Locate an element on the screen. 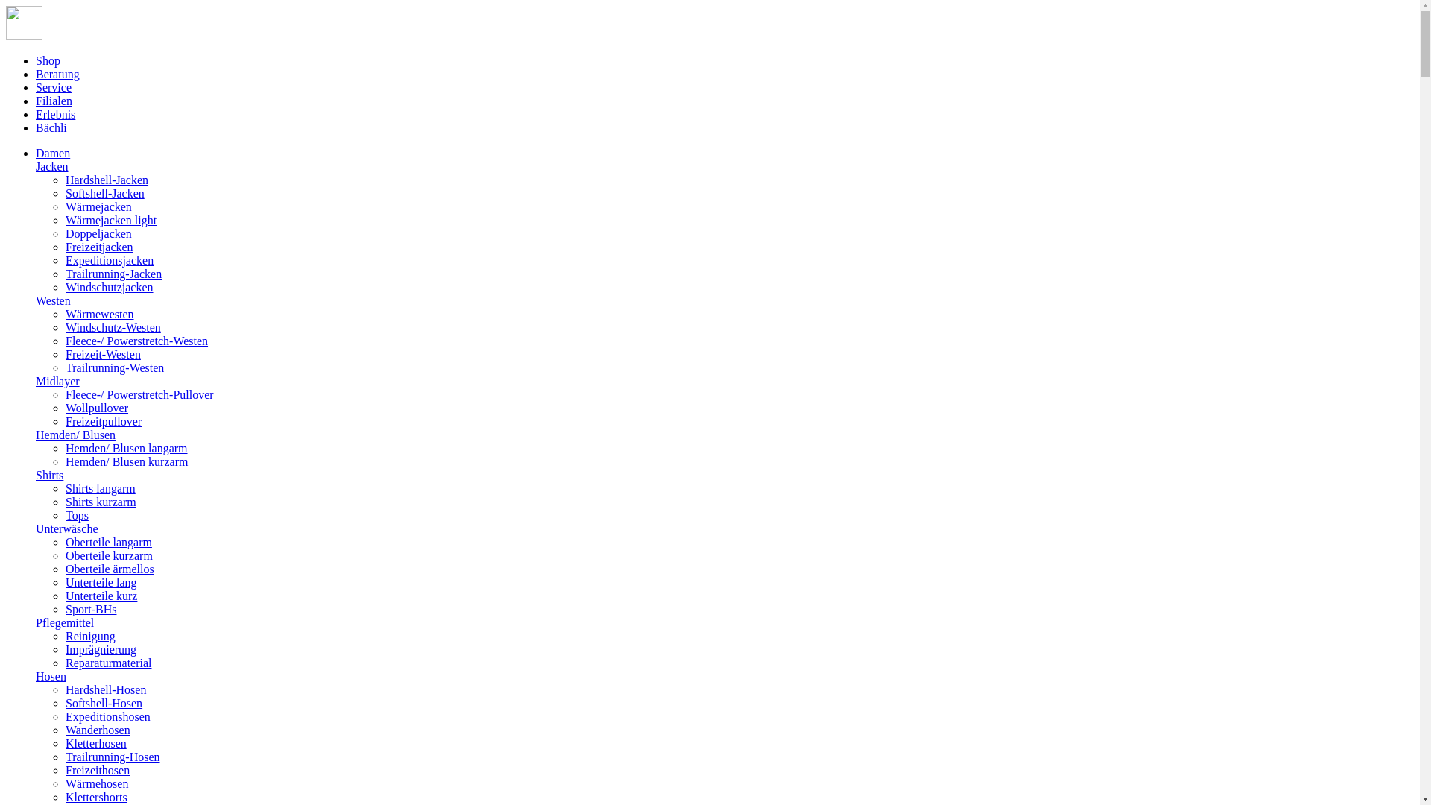 The width and height of the screenshot is (1431, 805). 'Doppeljacken' is located at coordinates (98, 233).